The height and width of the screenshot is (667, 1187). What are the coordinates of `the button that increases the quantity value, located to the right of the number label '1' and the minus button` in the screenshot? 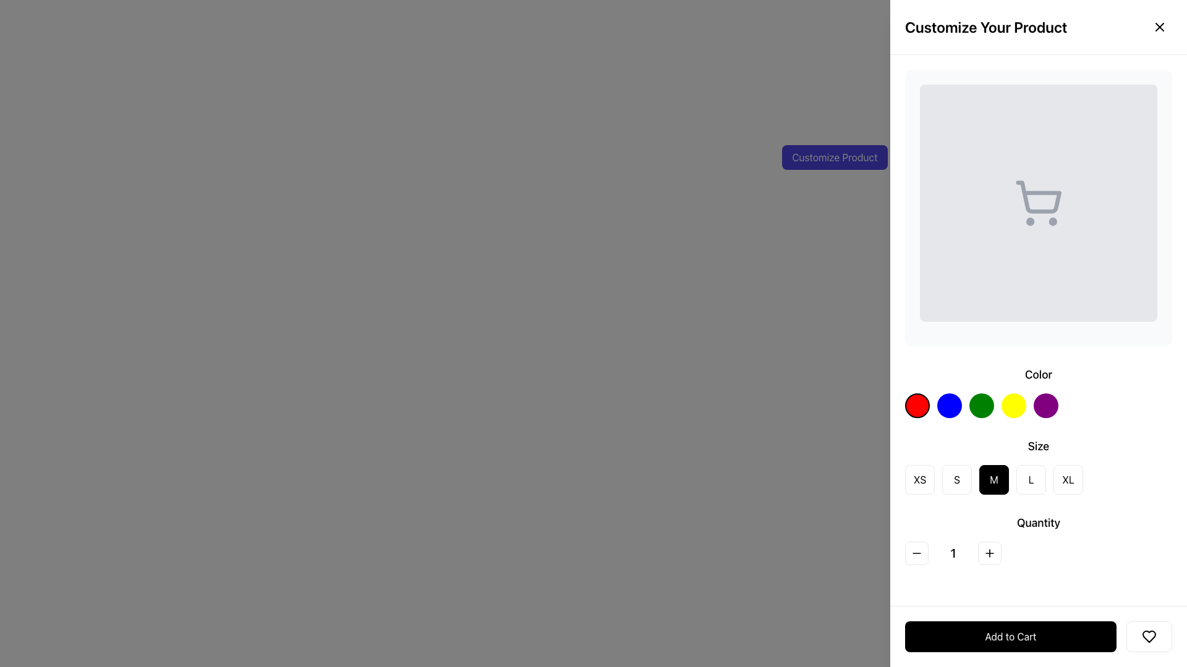 It's located at (990, 552).